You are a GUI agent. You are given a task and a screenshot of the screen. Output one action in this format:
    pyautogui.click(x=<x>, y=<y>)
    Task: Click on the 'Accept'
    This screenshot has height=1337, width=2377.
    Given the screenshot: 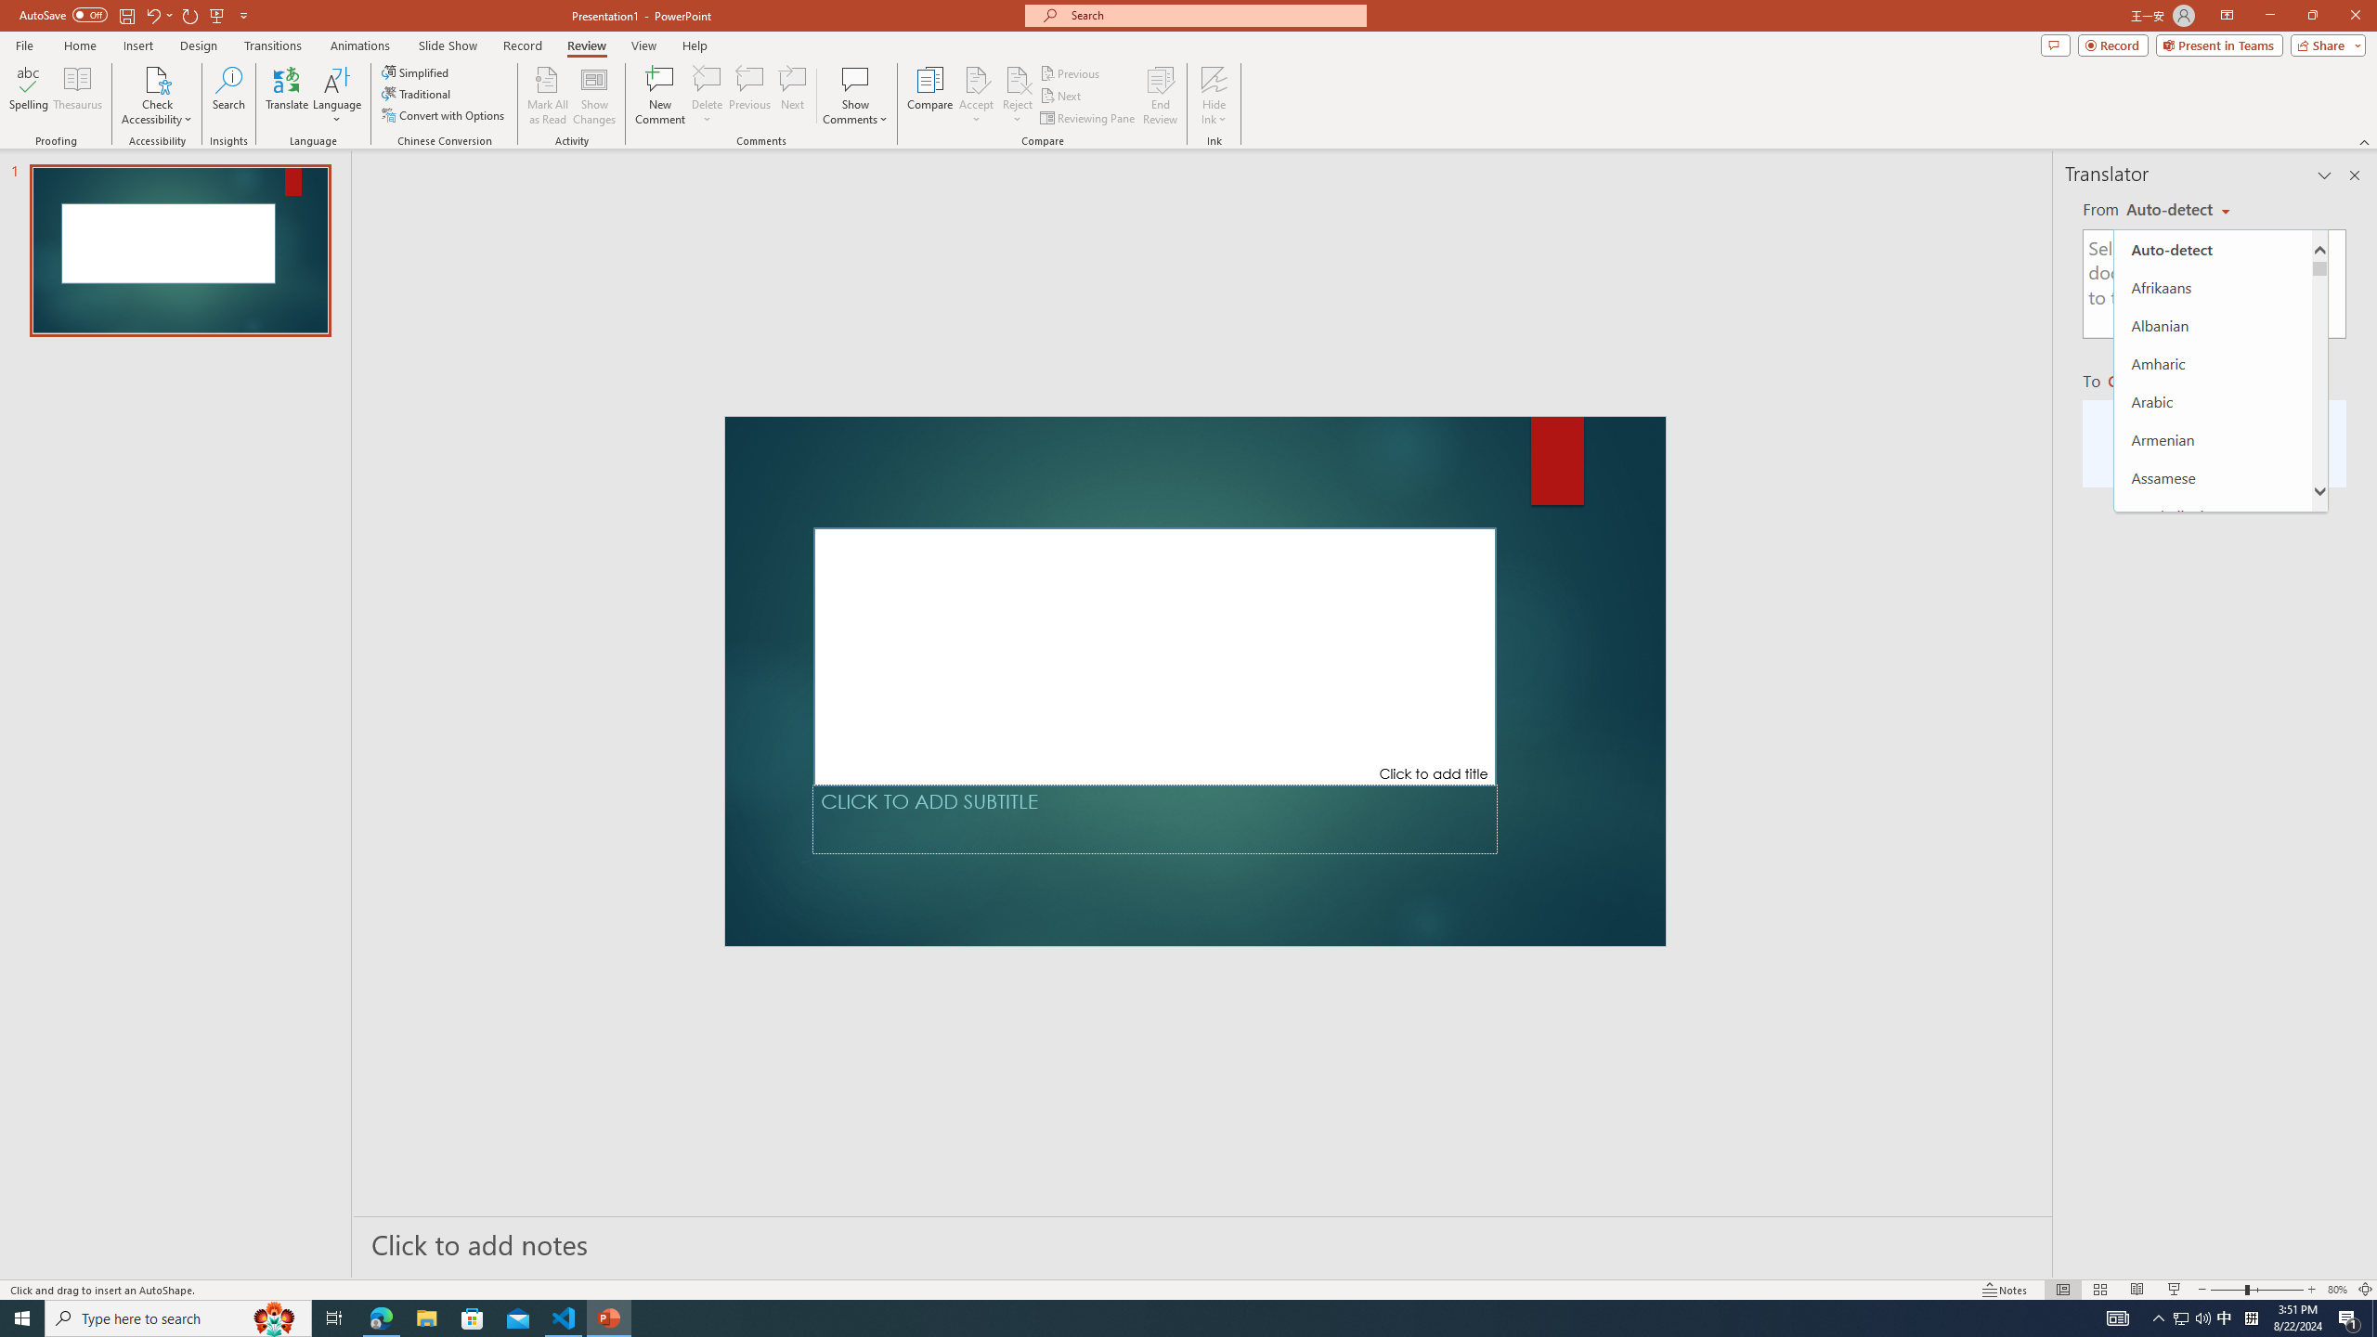 What is the action you would take?
    pyautogui.click(x=976, y=96)
    